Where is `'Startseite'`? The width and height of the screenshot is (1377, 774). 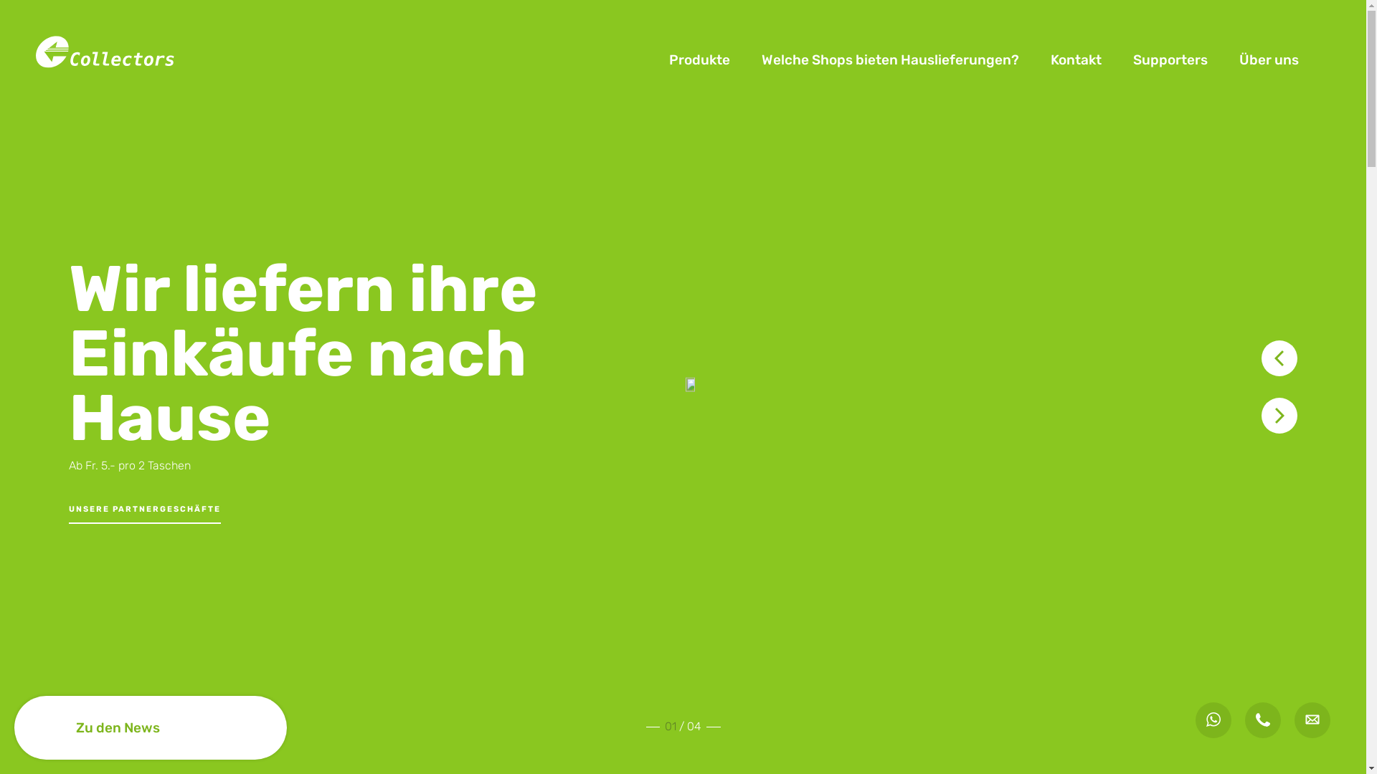 'Startseite' is located at coordinates (106, 58).